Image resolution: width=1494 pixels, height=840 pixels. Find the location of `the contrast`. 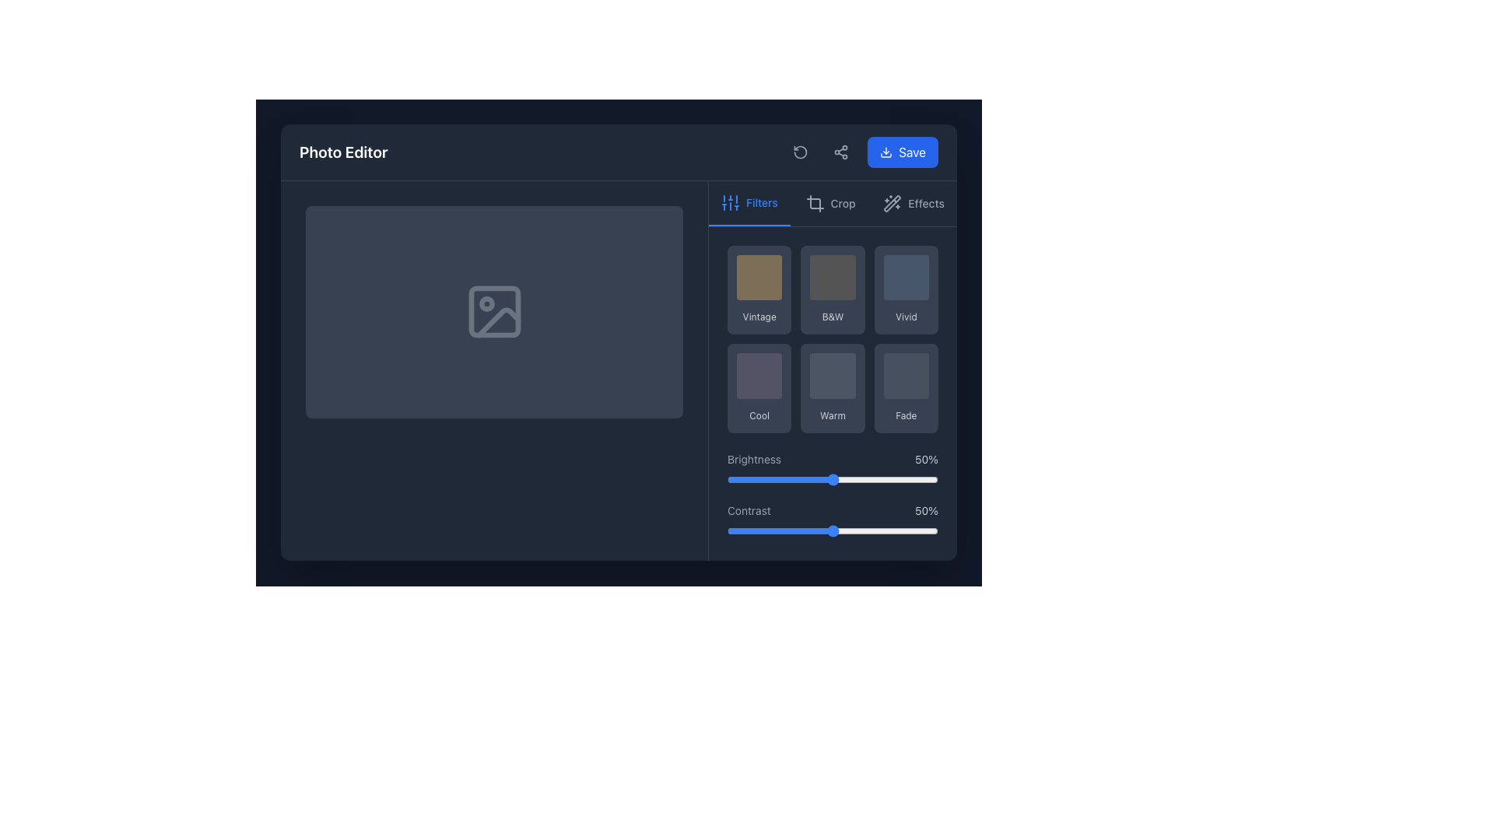

the contrast is located at coordinates (761, 530).